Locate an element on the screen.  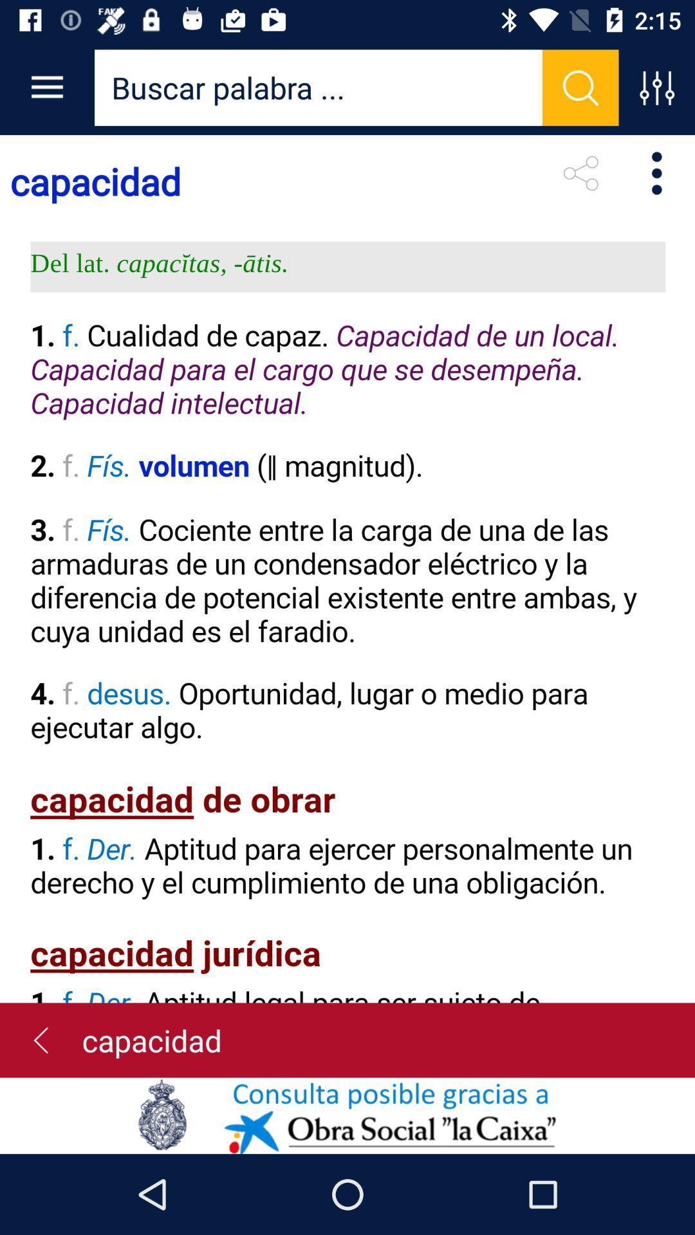
the more icon is located at coordinates (656, 172).